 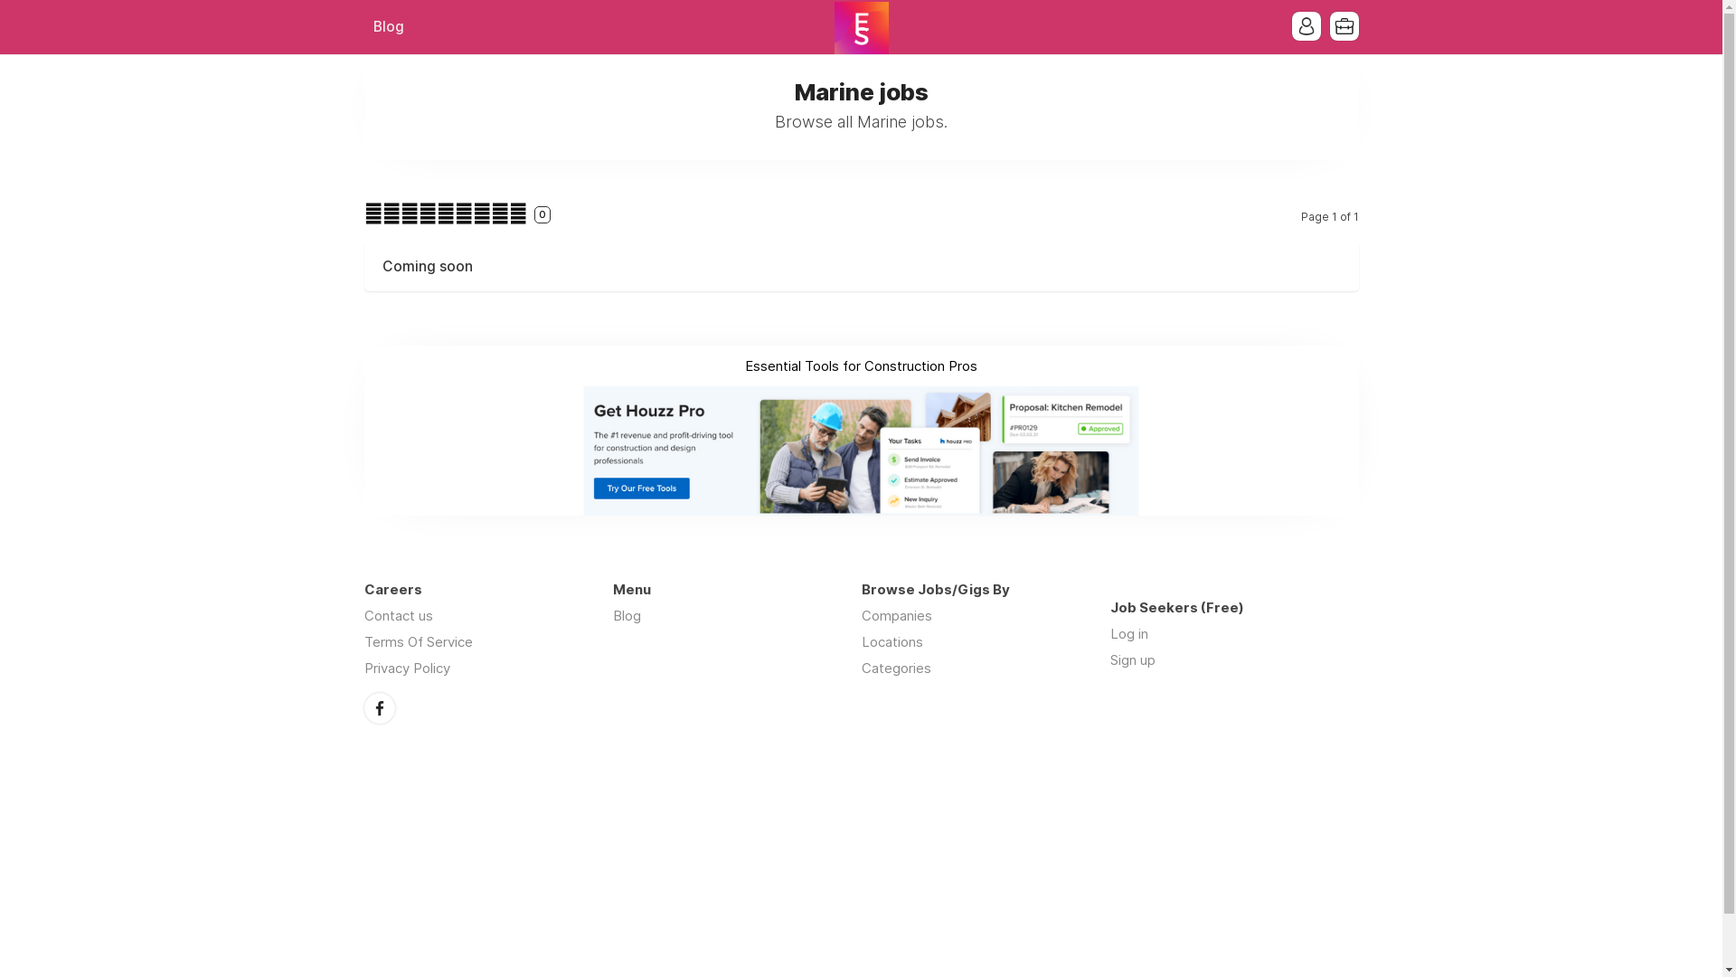 I want to click on 'Facebook', so click(x=363, y=707).